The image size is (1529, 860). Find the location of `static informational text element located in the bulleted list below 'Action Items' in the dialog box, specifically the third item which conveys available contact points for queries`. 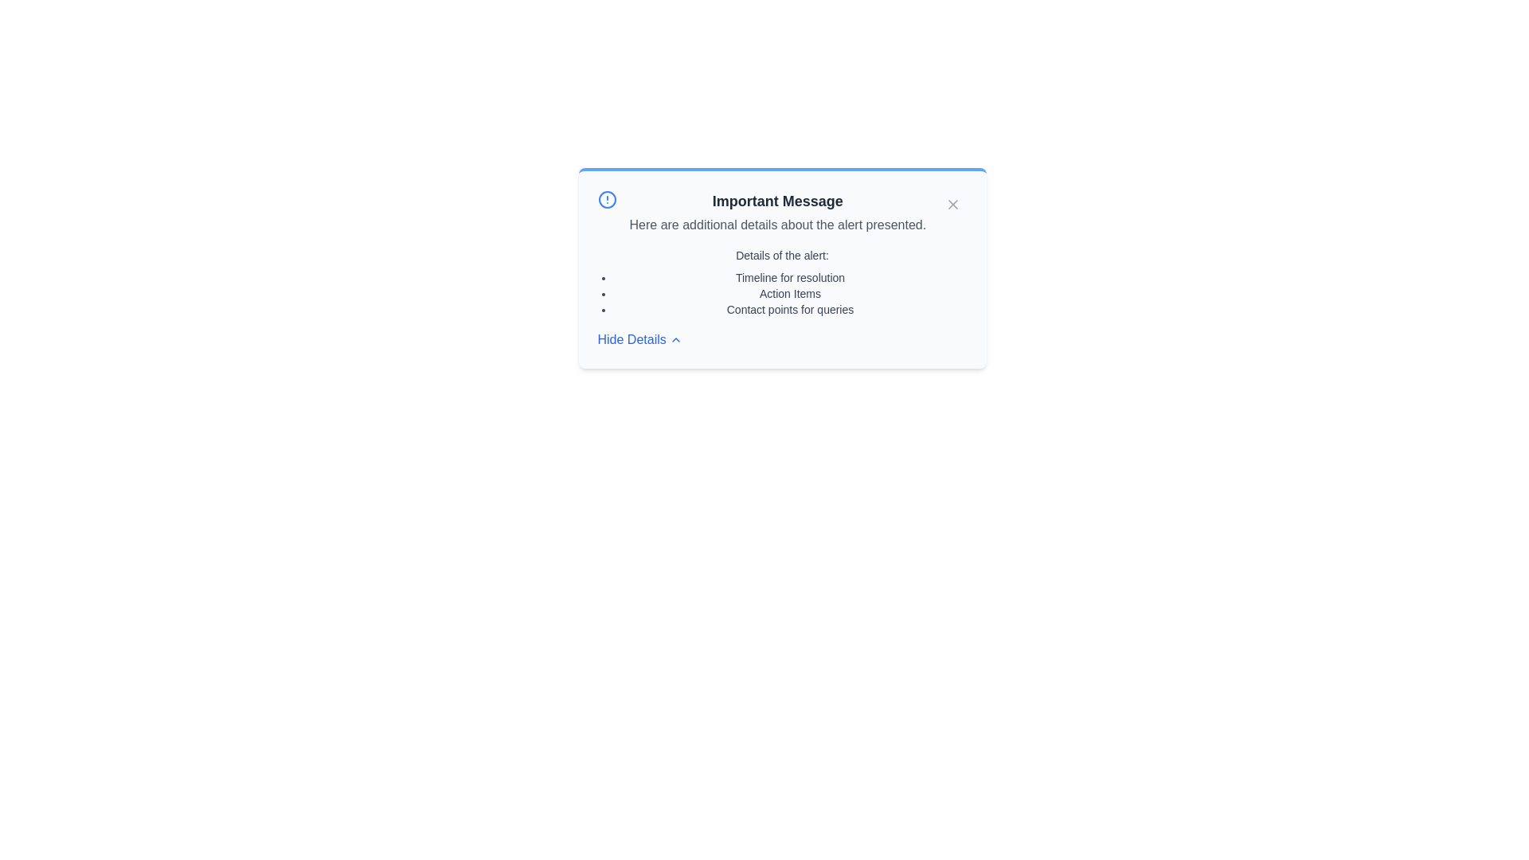

static informational text element located in the bulleted list below 'Action Items' in the dialog box, specifically the third item which conveys available contact points for queries is located at coordinates (790, 310).